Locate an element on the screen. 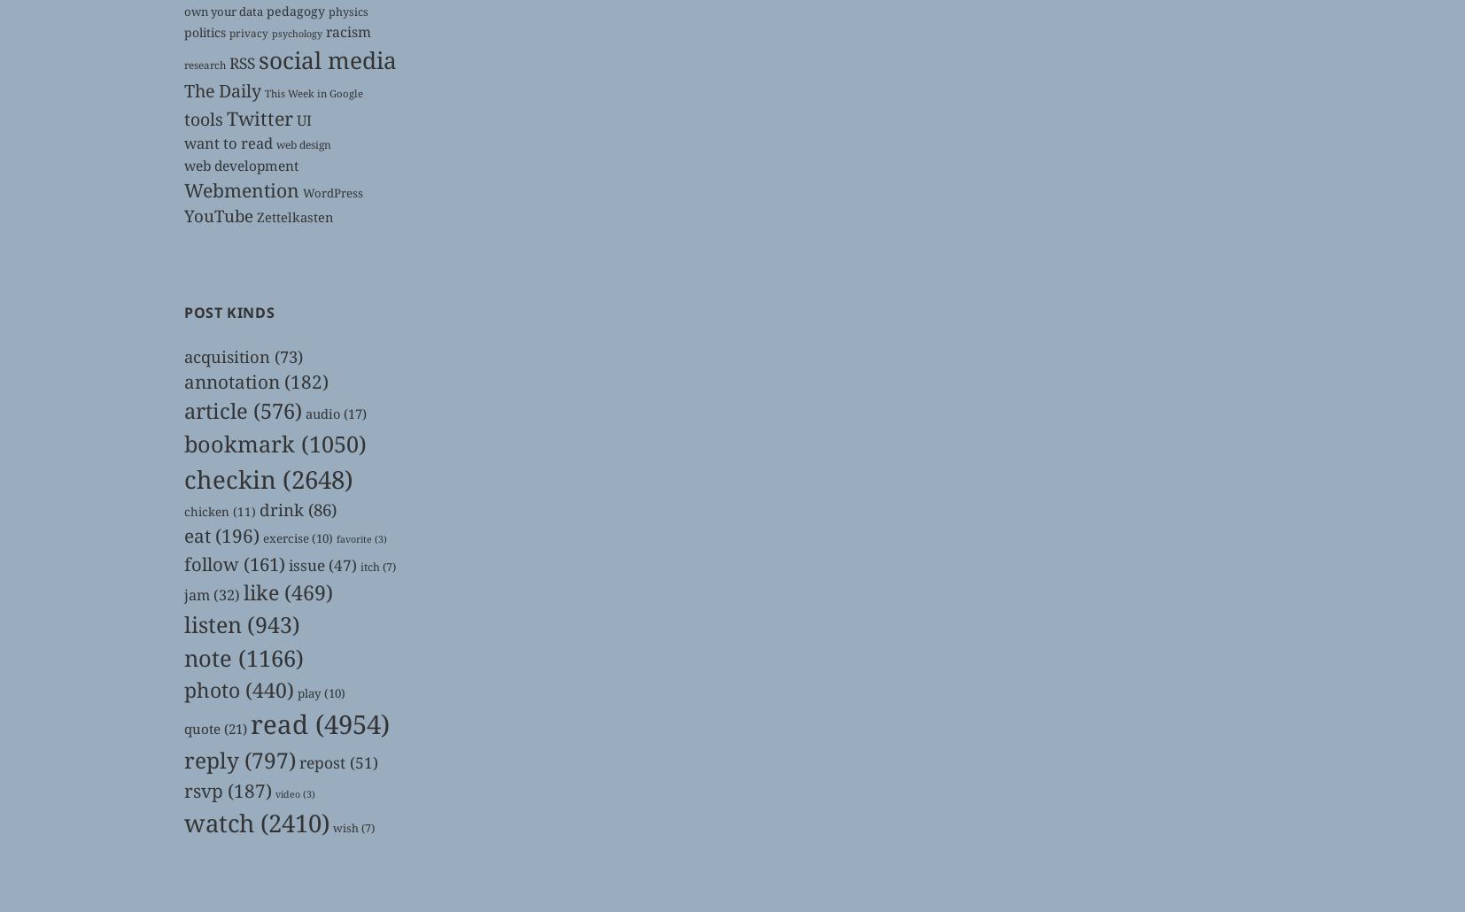 This screenshot has width=1465, height=912. '(1050)' is located at coordinates (293, 441).